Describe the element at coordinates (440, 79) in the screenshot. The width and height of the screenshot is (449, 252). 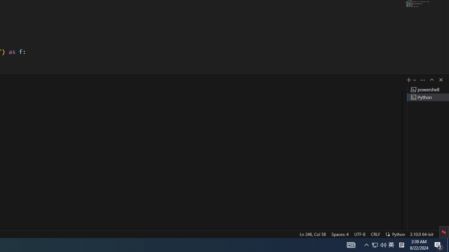
I see `'Hide Panel'` at that location.